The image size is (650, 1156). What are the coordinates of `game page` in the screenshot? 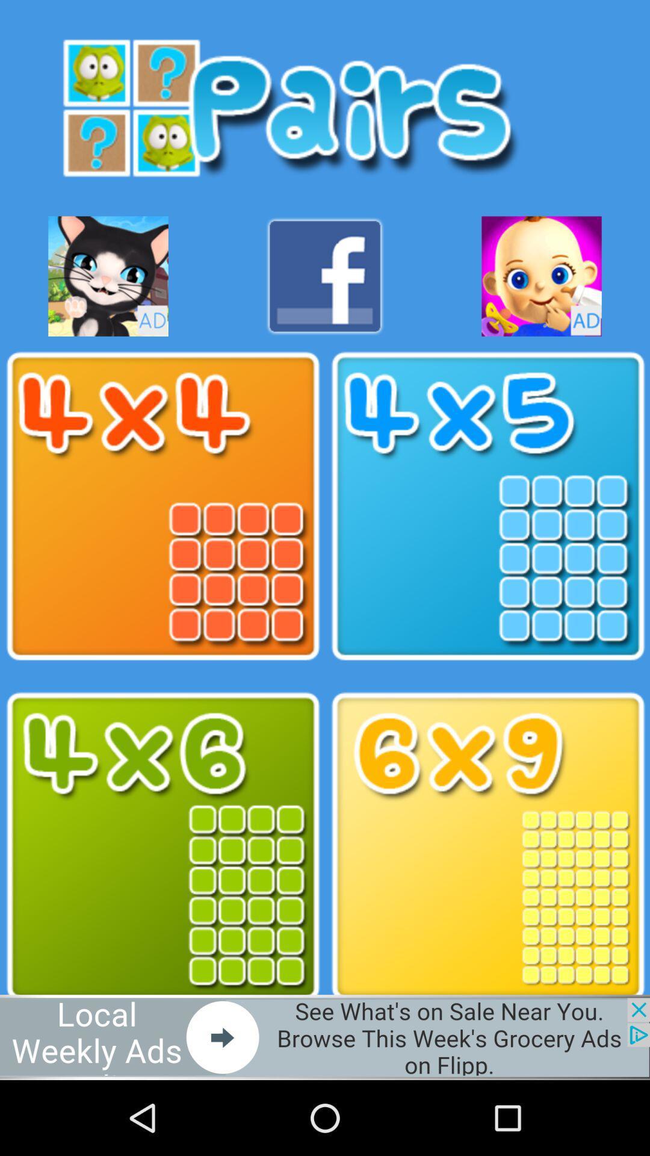 It's located at (487, 506).